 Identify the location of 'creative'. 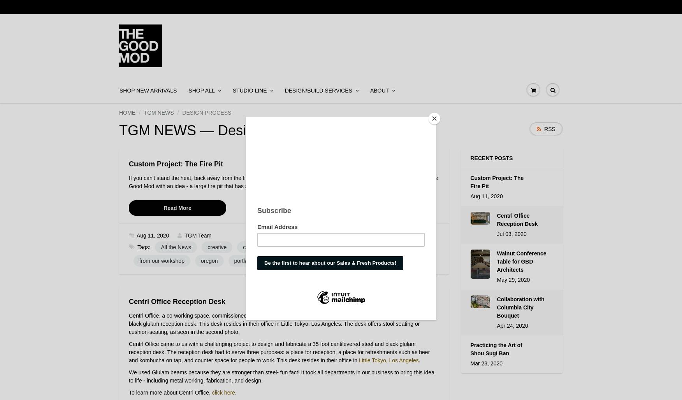
(216, 247).